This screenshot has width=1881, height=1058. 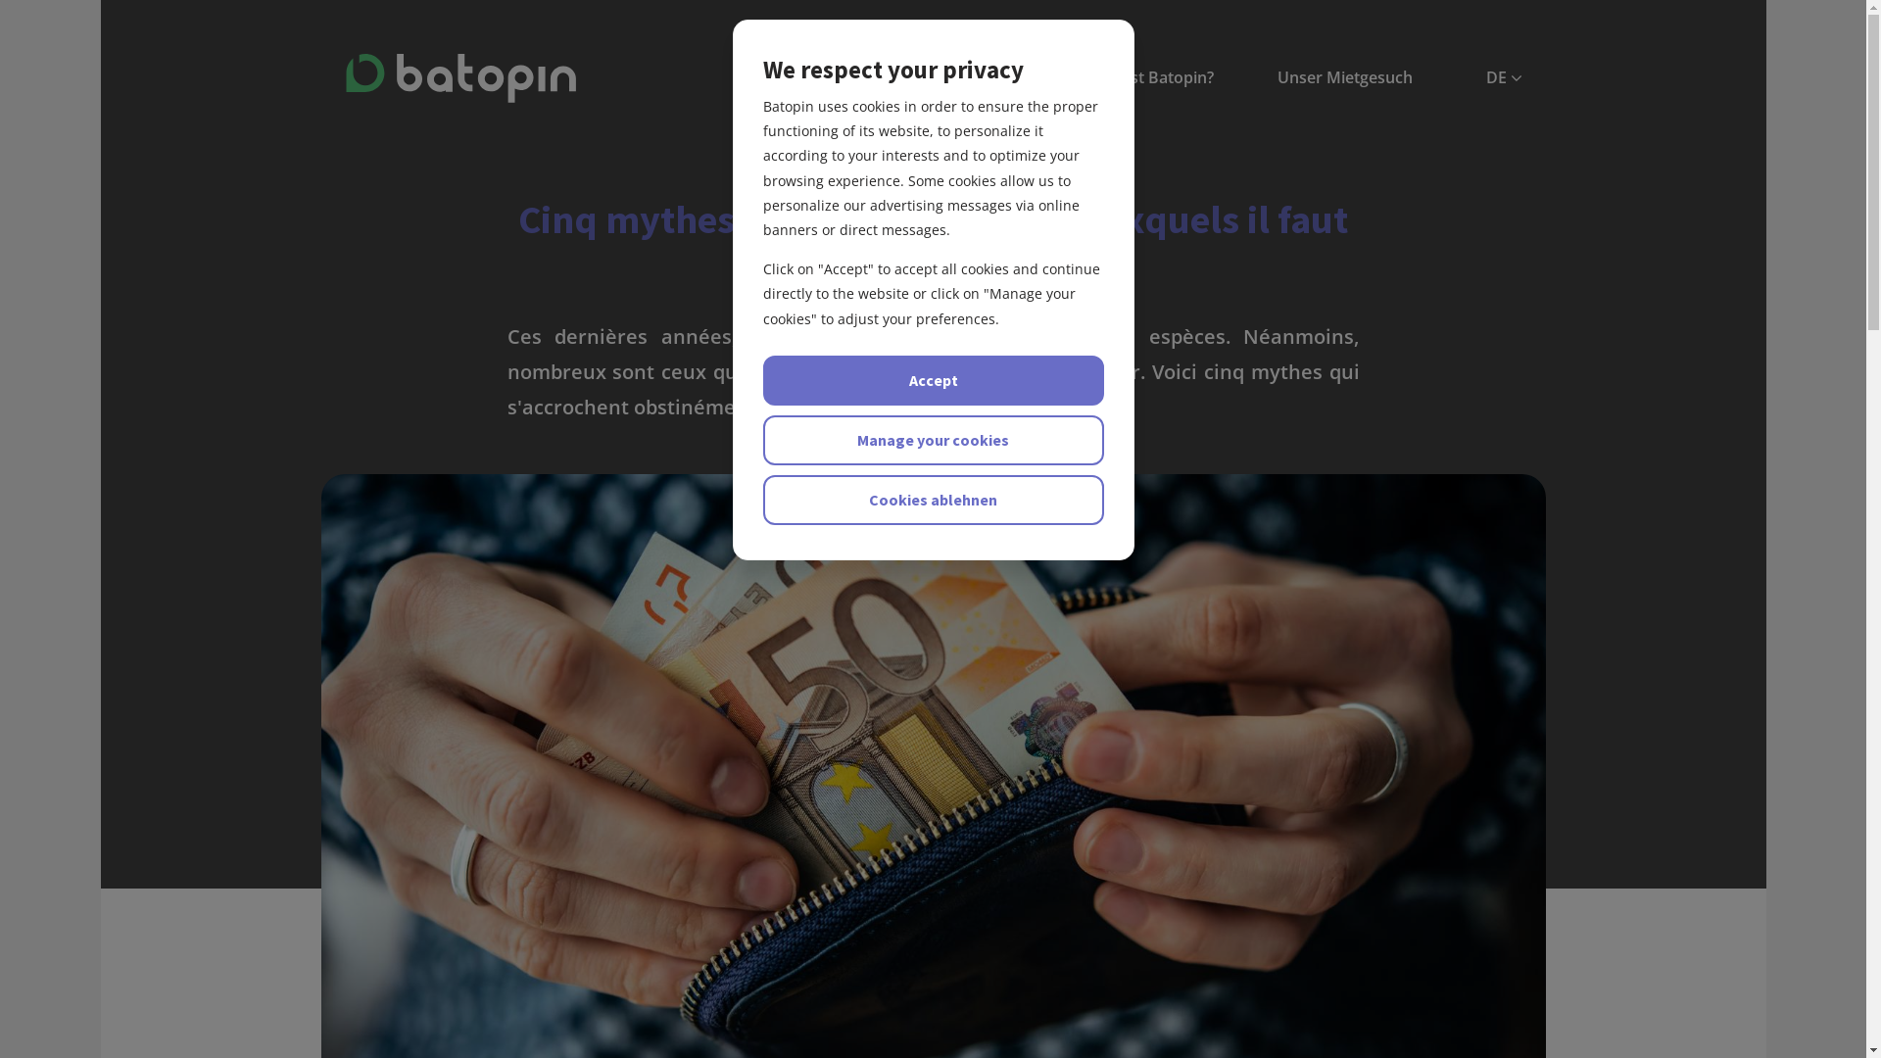 I want to click on 'Batopin logo', so click(x=458, y=77).